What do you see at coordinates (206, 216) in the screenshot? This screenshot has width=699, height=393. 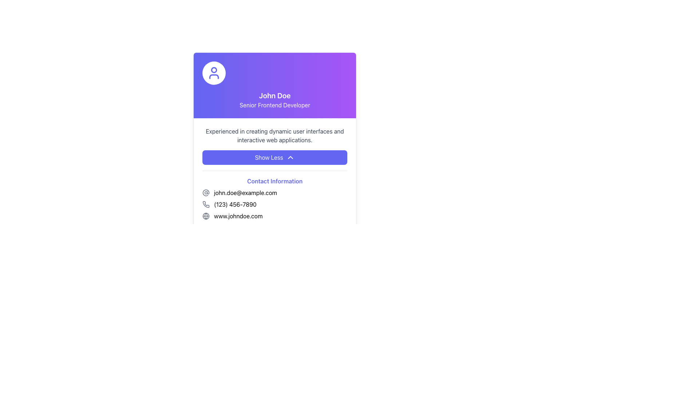 I see `the globe icon that is located to the left of the text 'www.johndoe.com', which serves as a visual indicator for a web address` at bounding box center [206, 216].